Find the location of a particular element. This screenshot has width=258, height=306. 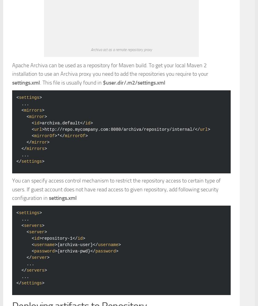

'Archiva act as a remote repository proxy' is located at coordinates (91, 134).